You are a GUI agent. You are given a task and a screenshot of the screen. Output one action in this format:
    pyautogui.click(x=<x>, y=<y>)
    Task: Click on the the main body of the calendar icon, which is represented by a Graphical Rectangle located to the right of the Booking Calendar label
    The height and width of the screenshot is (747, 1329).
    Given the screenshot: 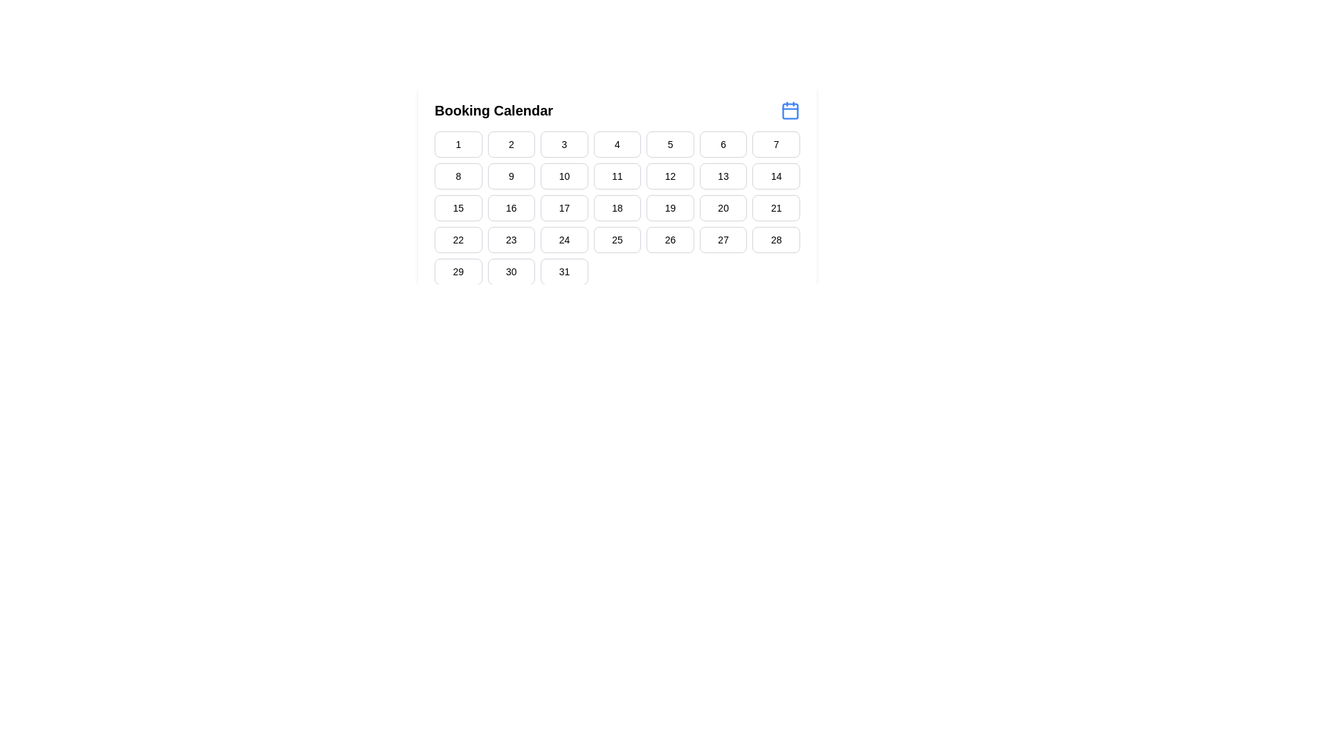 What is the action you would take?
    pyautogui.click(x=790, y=111)
    